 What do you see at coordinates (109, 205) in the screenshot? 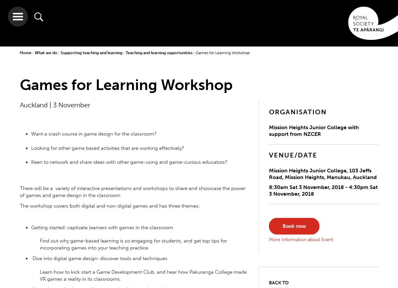
I see `'The workshop covers both digital and non-digital games and has three themes:'` at bounding box center [109, 205].